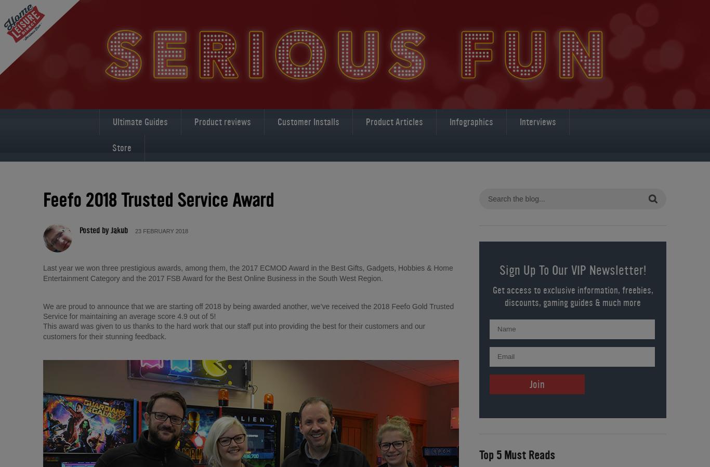 The image size is (710, 467). What do you see at coordinates (308, 122) in the screenshot?
I see `'Customer Installs'` at bounding box center [308, 122].